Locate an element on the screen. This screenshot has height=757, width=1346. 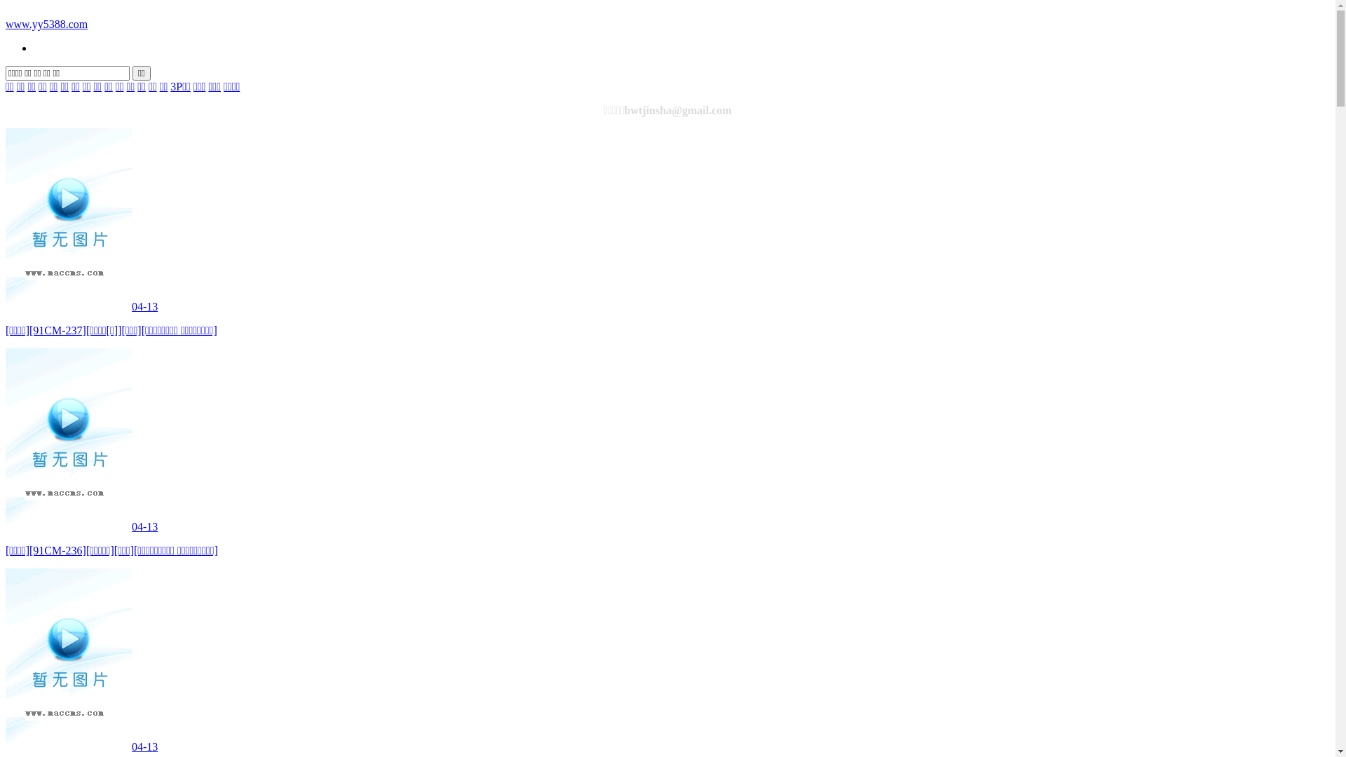
'04-13' is located at coordinates (81, 306).